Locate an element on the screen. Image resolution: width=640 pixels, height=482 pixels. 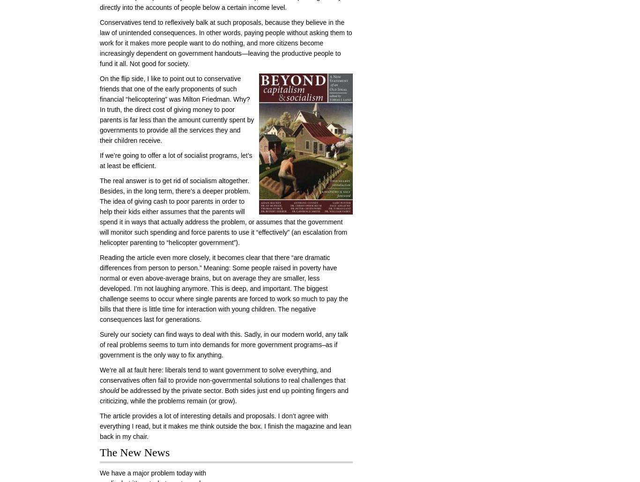
'Reading the article even more closely, it becomes clear that there “are dramatic differences from person to person.” Meaning: Some people raised in poverty have normal or even above-average brains, but on average they are smaller, less developed. I’m not laughing anymore. This is deep, and important. The biggest challenge seems to occur where single parents are forced to work so much to pay the bills that there is little time for interaction with young children. The negative consequences last for generations.' is located at coordinates (223, 288).